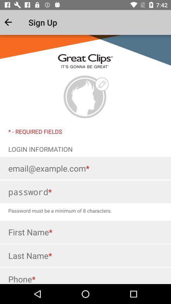 The image size is (171, 304). What do you see at coordinates (85, 275) in the screenshot?
I see `phone number` at bounding box center [85, 275].